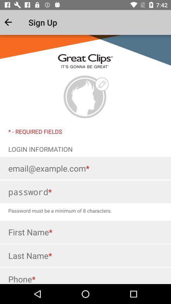 The image size is (171, 304). What do you see at coordinates (85, 275) in the screenshot?
I see `phone number` at bounding box center [85, 275].